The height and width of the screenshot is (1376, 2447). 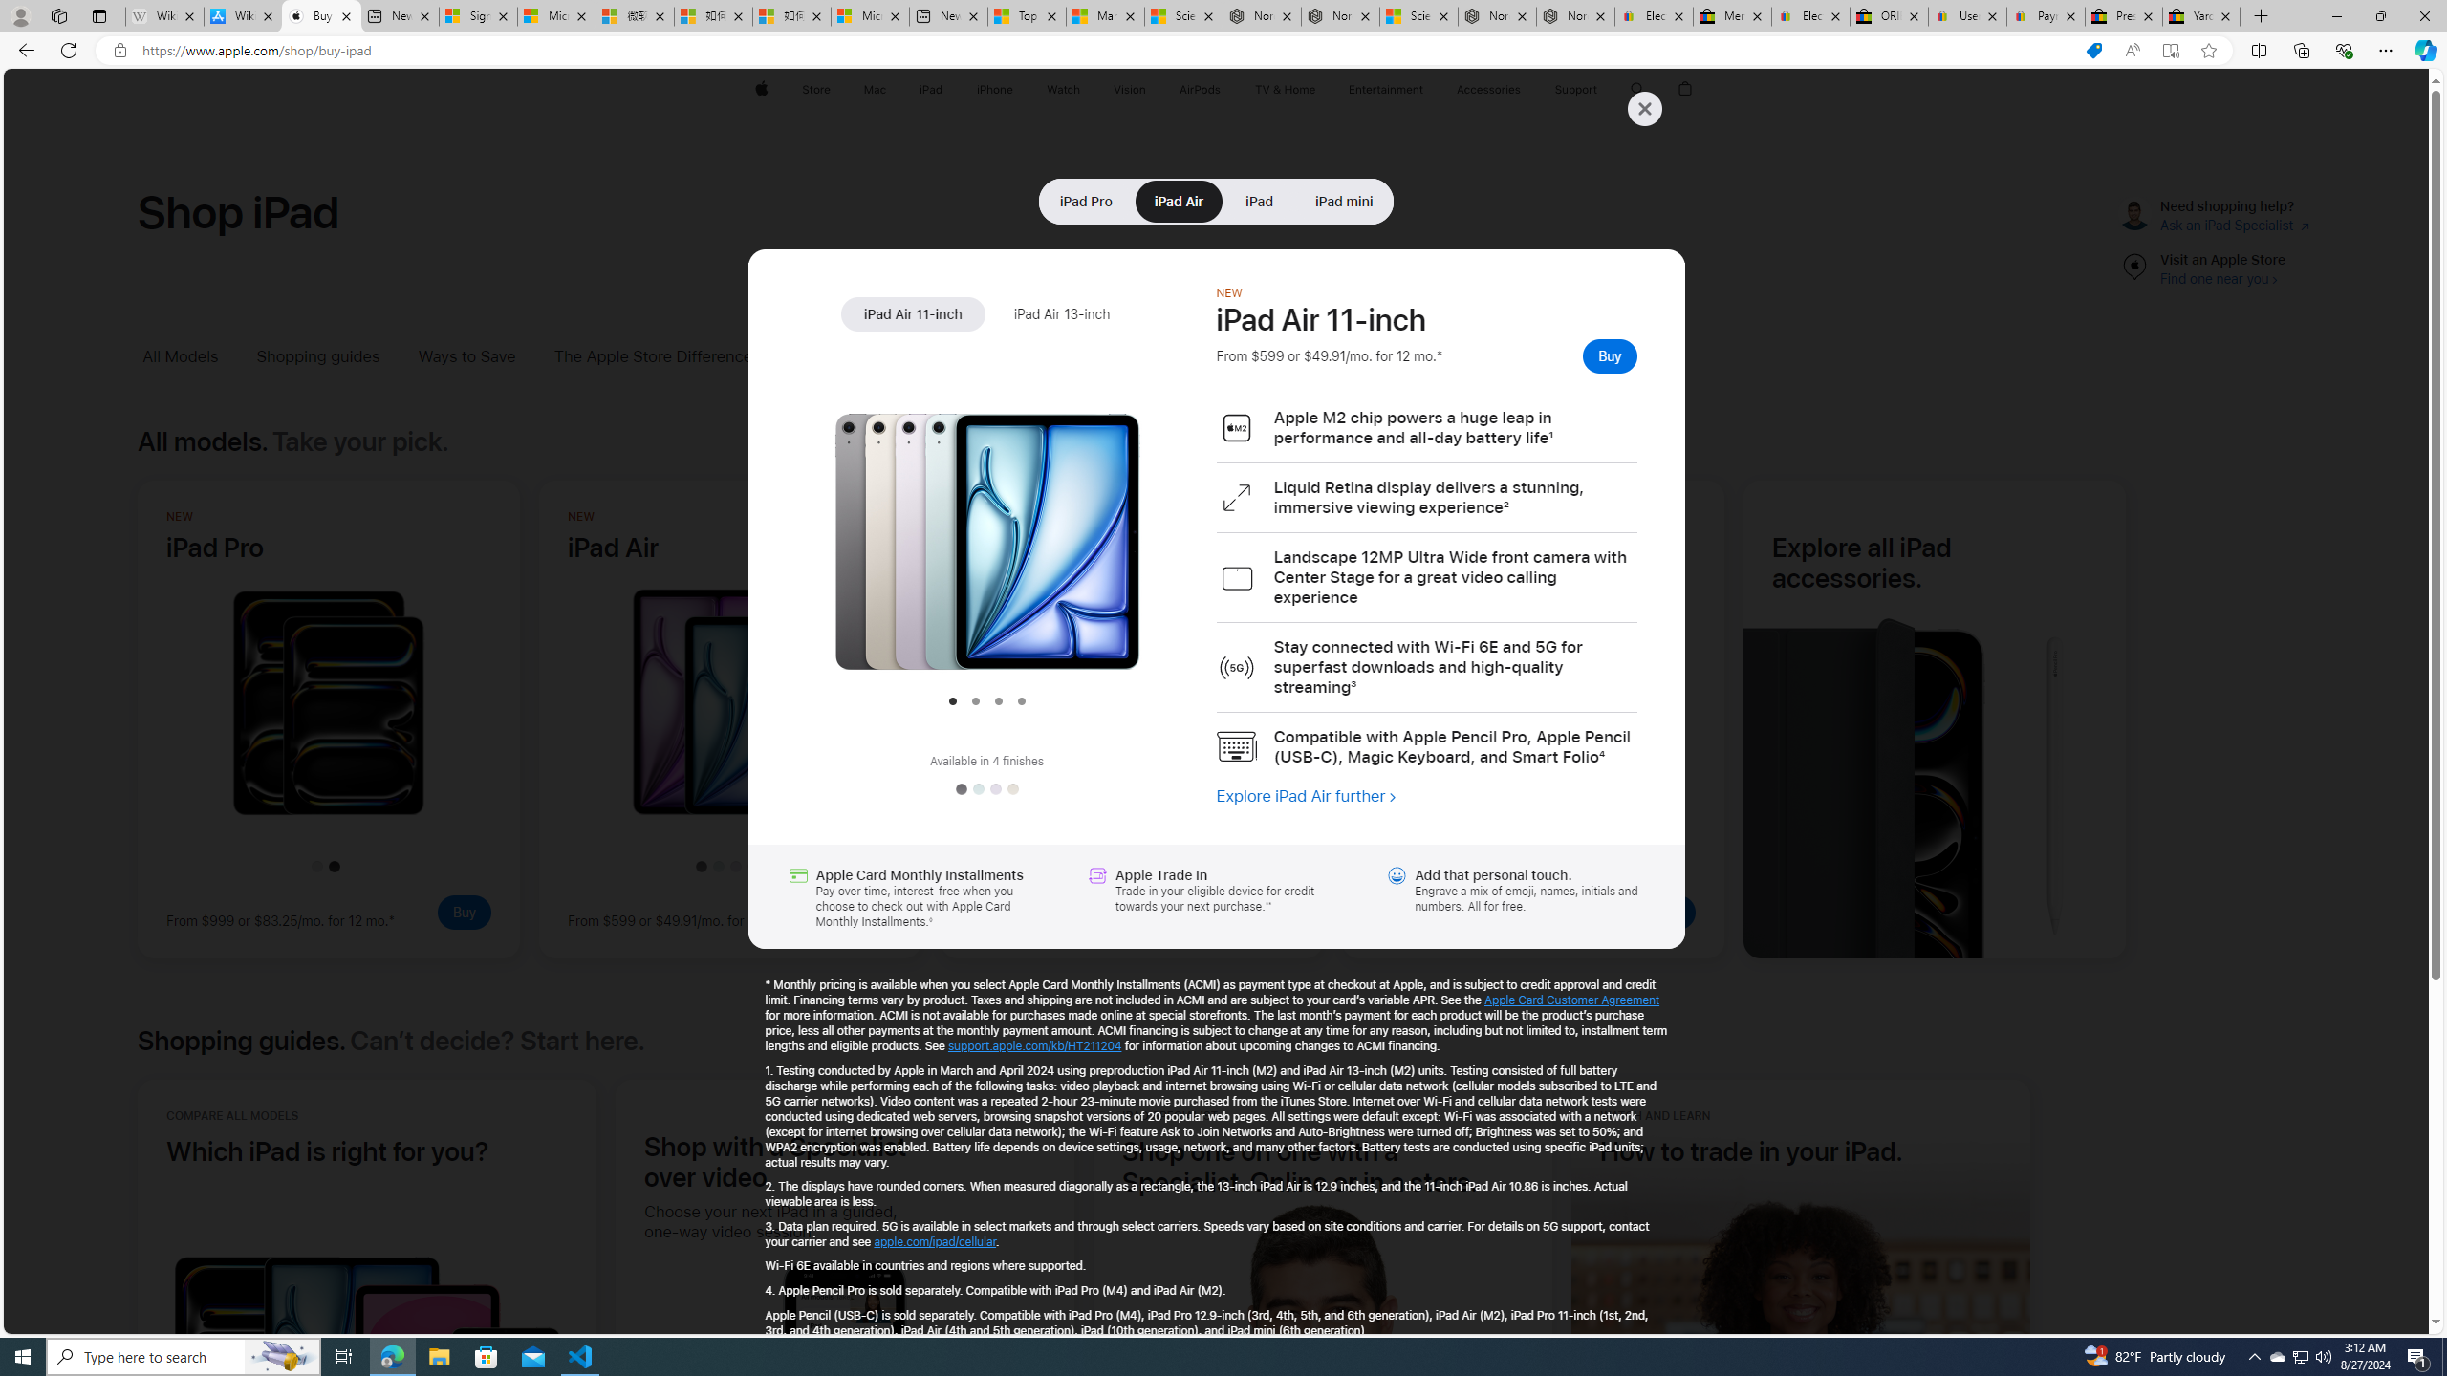 I want to click on 'iPad', so click(x=1258, y=201).